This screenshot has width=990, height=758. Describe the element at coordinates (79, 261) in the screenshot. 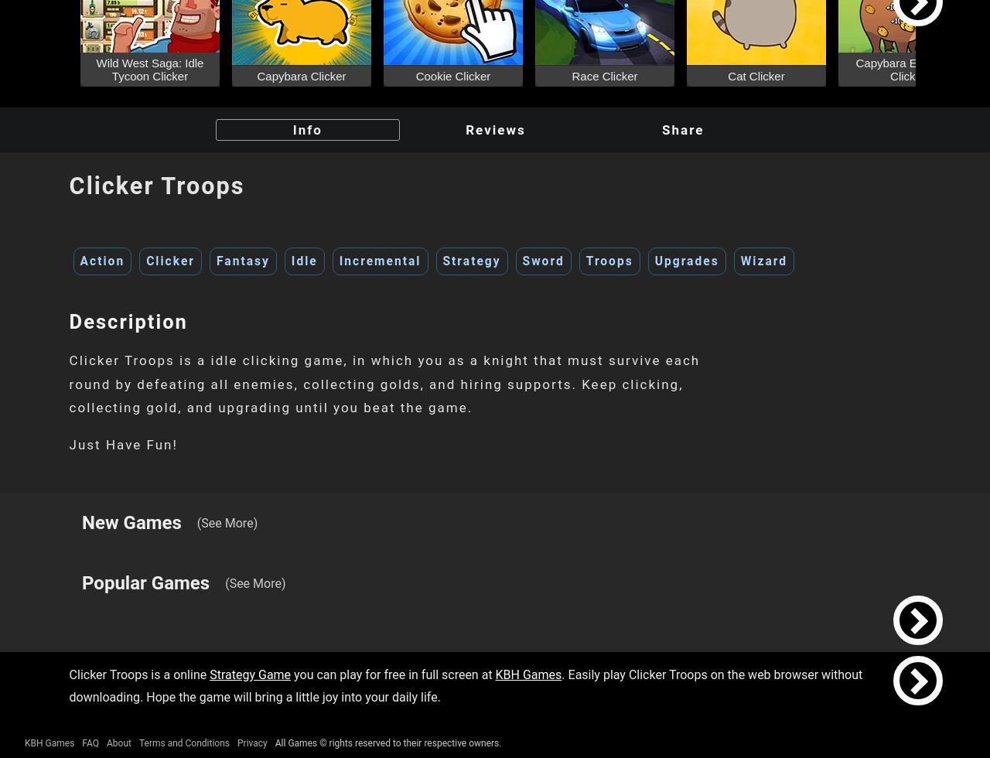

I see `'Action'` at that location.